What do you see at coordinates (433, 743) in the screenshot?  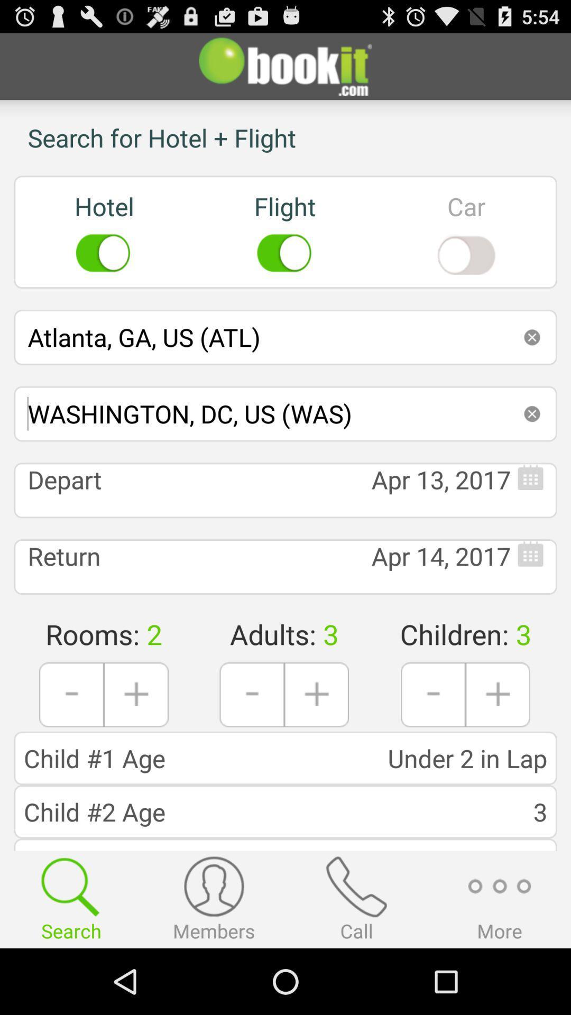 I see `the minus icon` at bounding box center [433, 743].